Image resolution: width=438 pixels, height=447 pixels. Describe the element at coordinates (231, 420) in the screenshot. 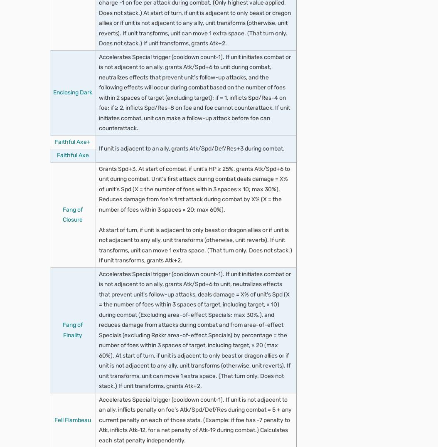

I see `'Temporary debuffs'` at that location.